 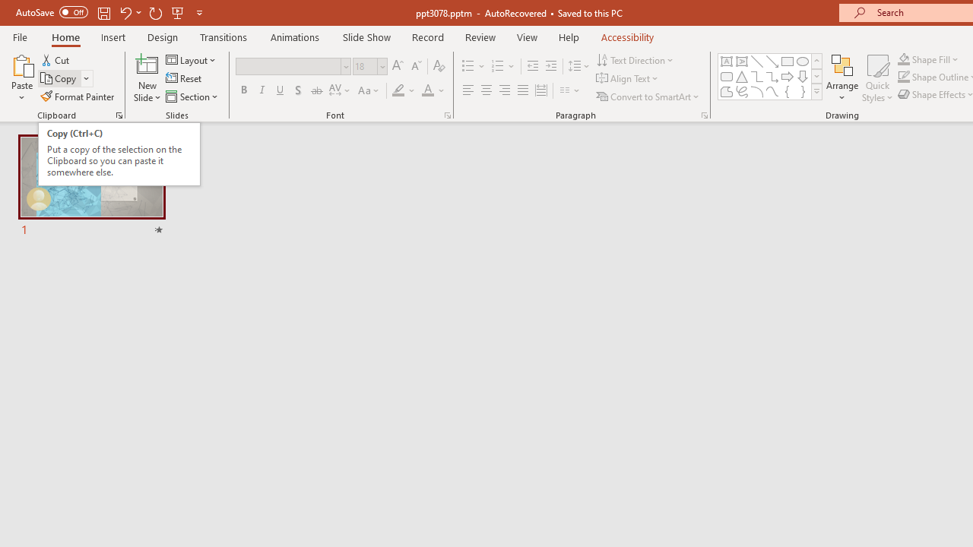 I want to click on 'Arrow: Right', so click(x=788, y=76).